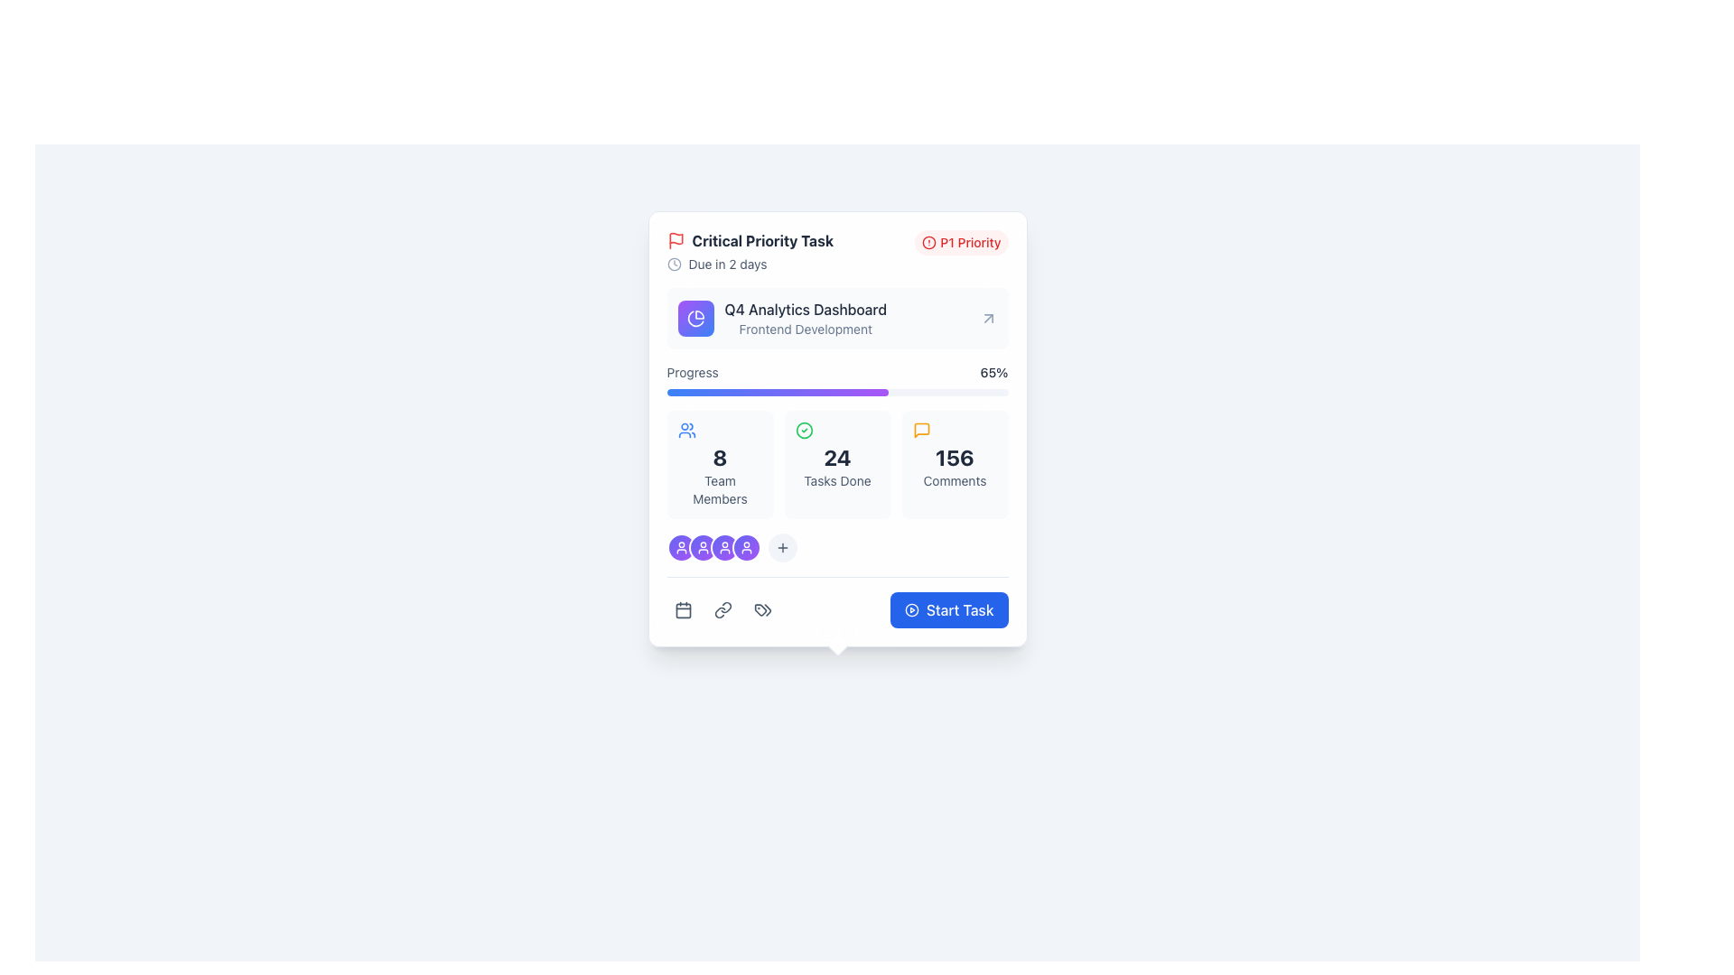 The height and width of the screenshot is (975, 1734). What do you see at coordinates (836, 464) in the screenshot?
I see `the displayed numeric value '24' and the label 'Tasks Done' in the Text Display Component located centrally in the card-like layout` at bounding box center [836, 464].